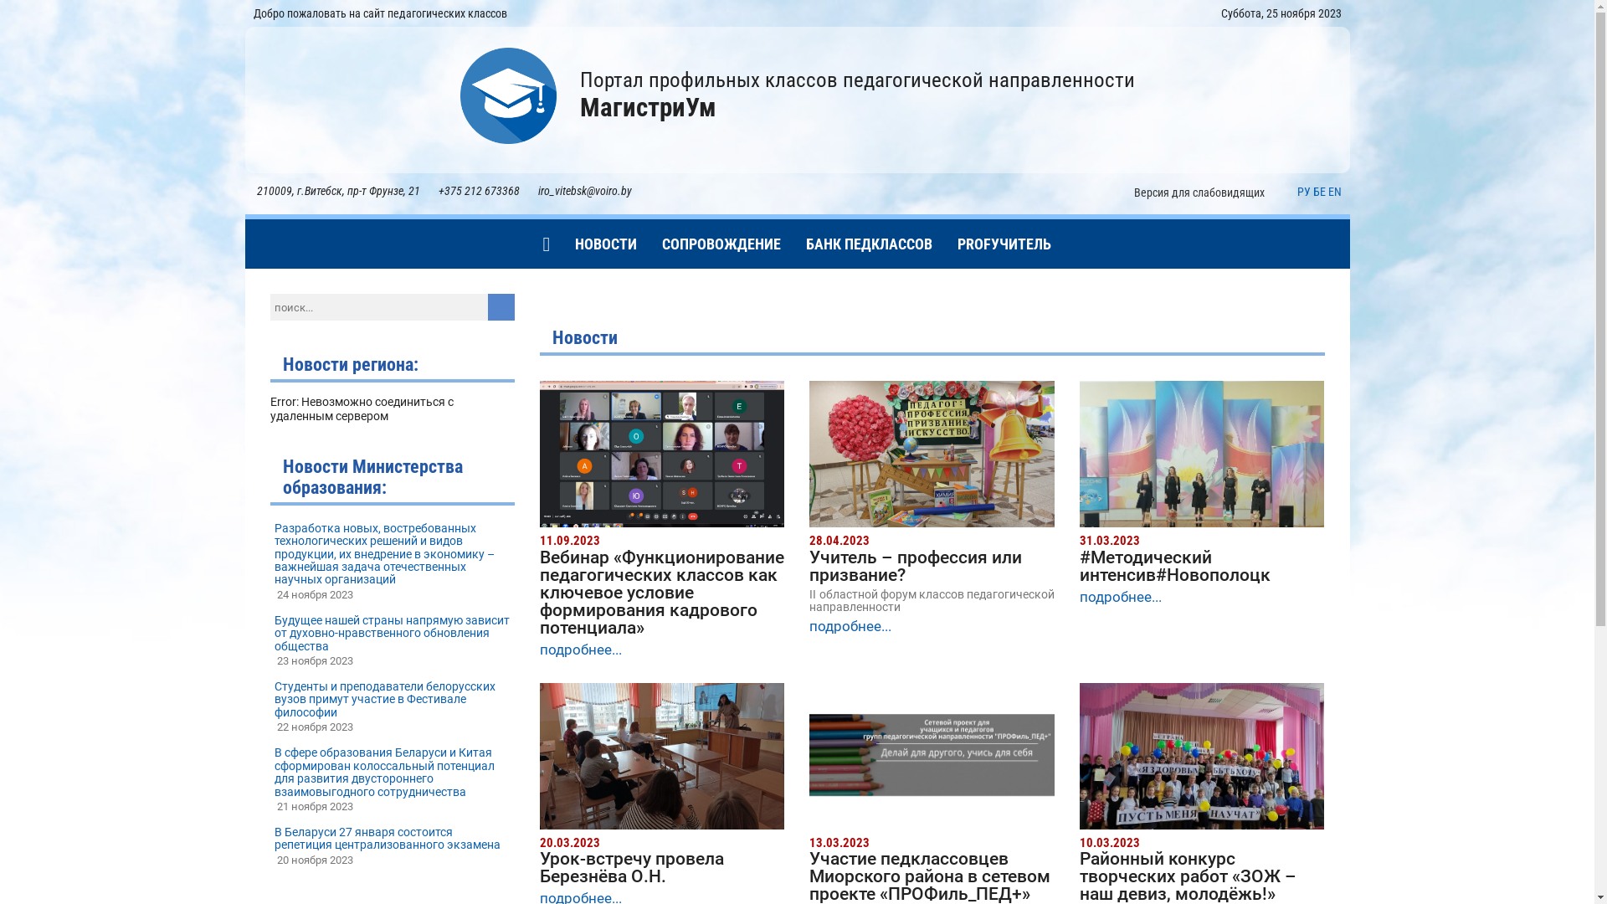  What do you see at coordinates (1332, 190) in the screenshot?
I see `'EN'` at bounding box center [1332, 190].